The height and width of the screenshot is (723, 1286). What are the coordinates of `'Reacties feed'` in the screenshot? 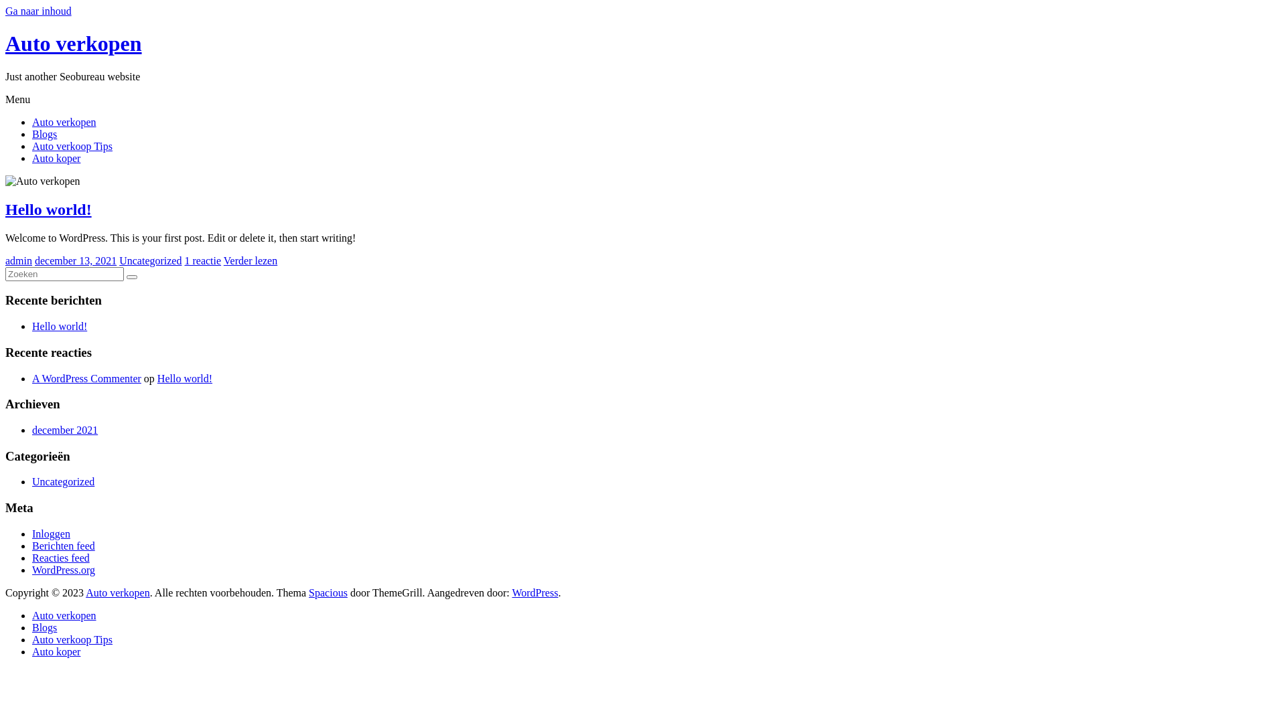 It's located at (32, 558).